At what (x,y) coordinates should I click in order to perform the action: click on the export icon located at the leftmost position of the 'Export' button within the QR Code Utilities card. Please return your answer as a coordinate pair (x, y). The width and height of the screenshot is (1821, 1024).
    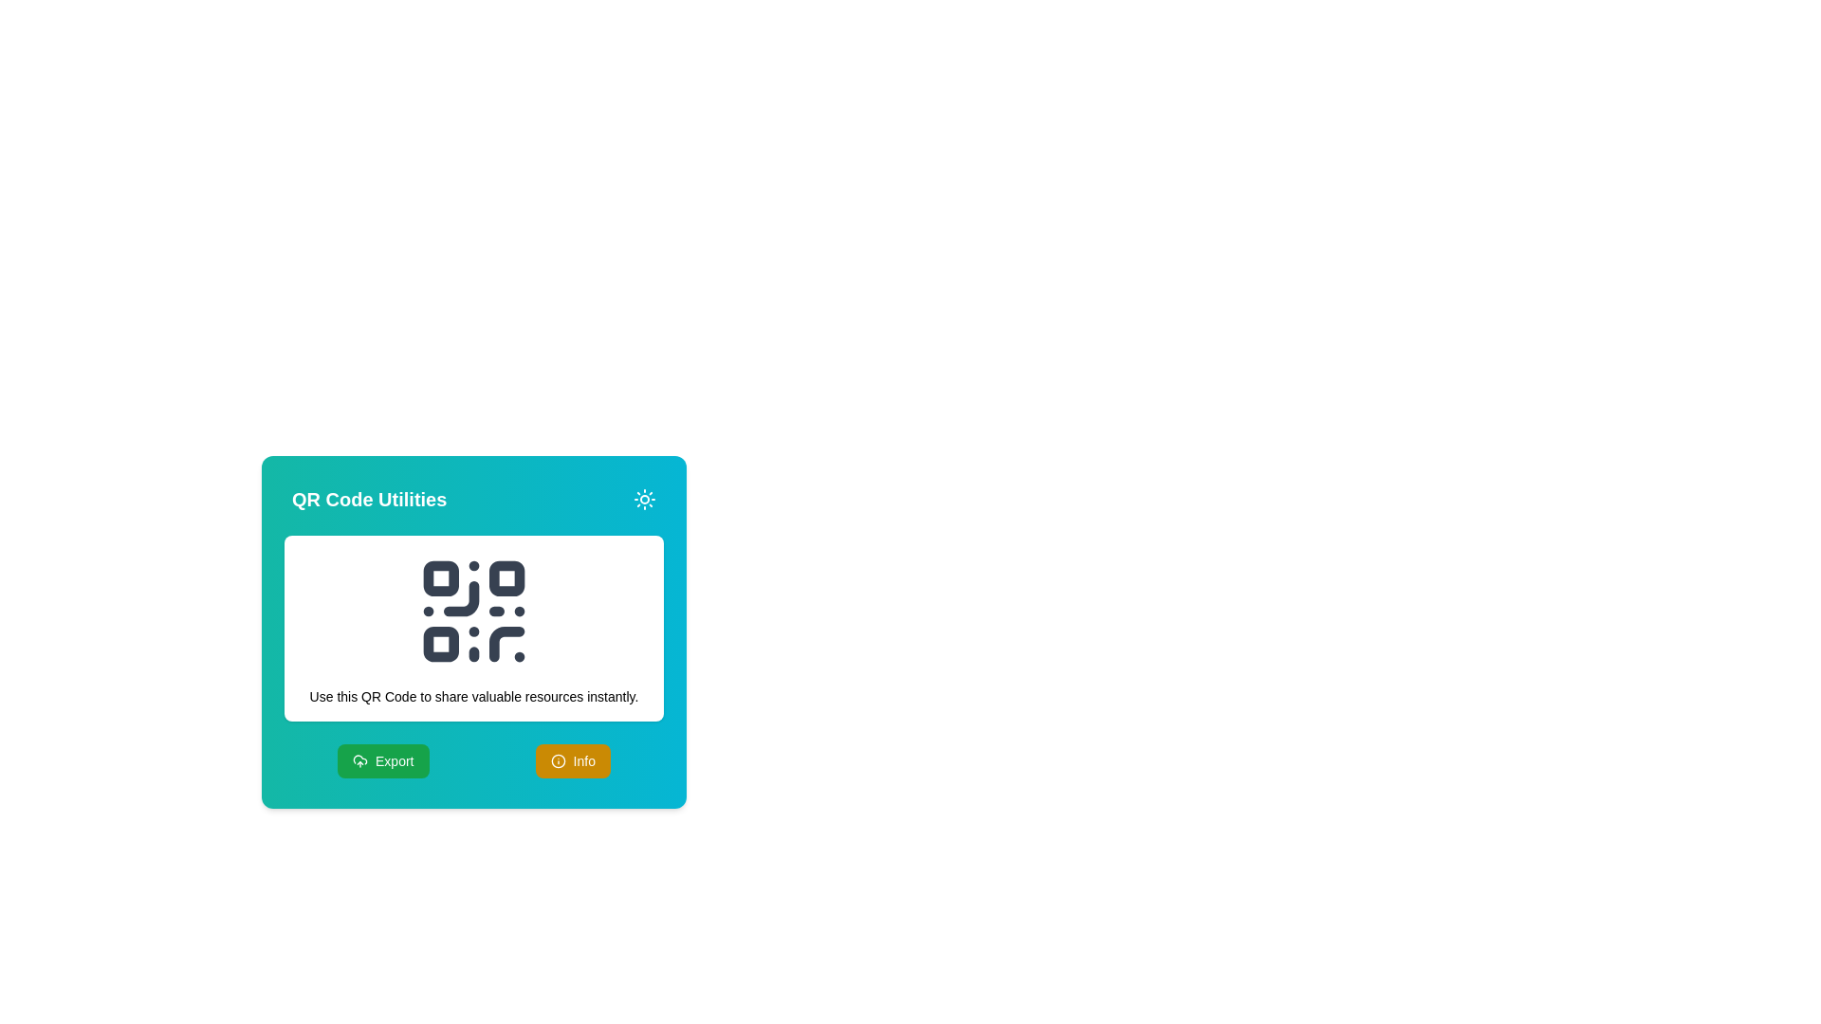
    Looking at the image, I should click on (359, 759).